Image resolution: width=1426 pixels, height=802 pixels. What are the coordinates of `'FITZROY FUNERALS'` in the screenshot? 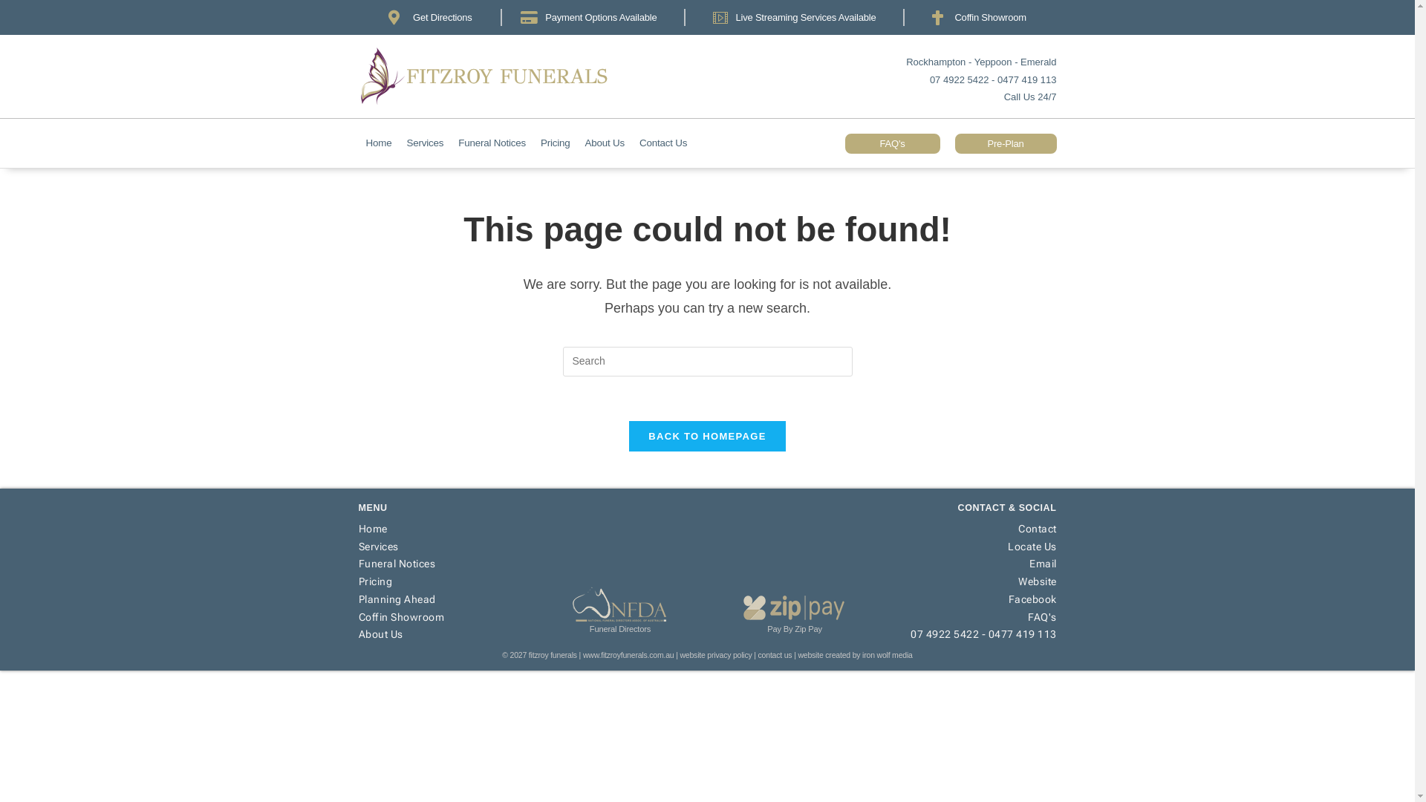 It's located at (506, 76).